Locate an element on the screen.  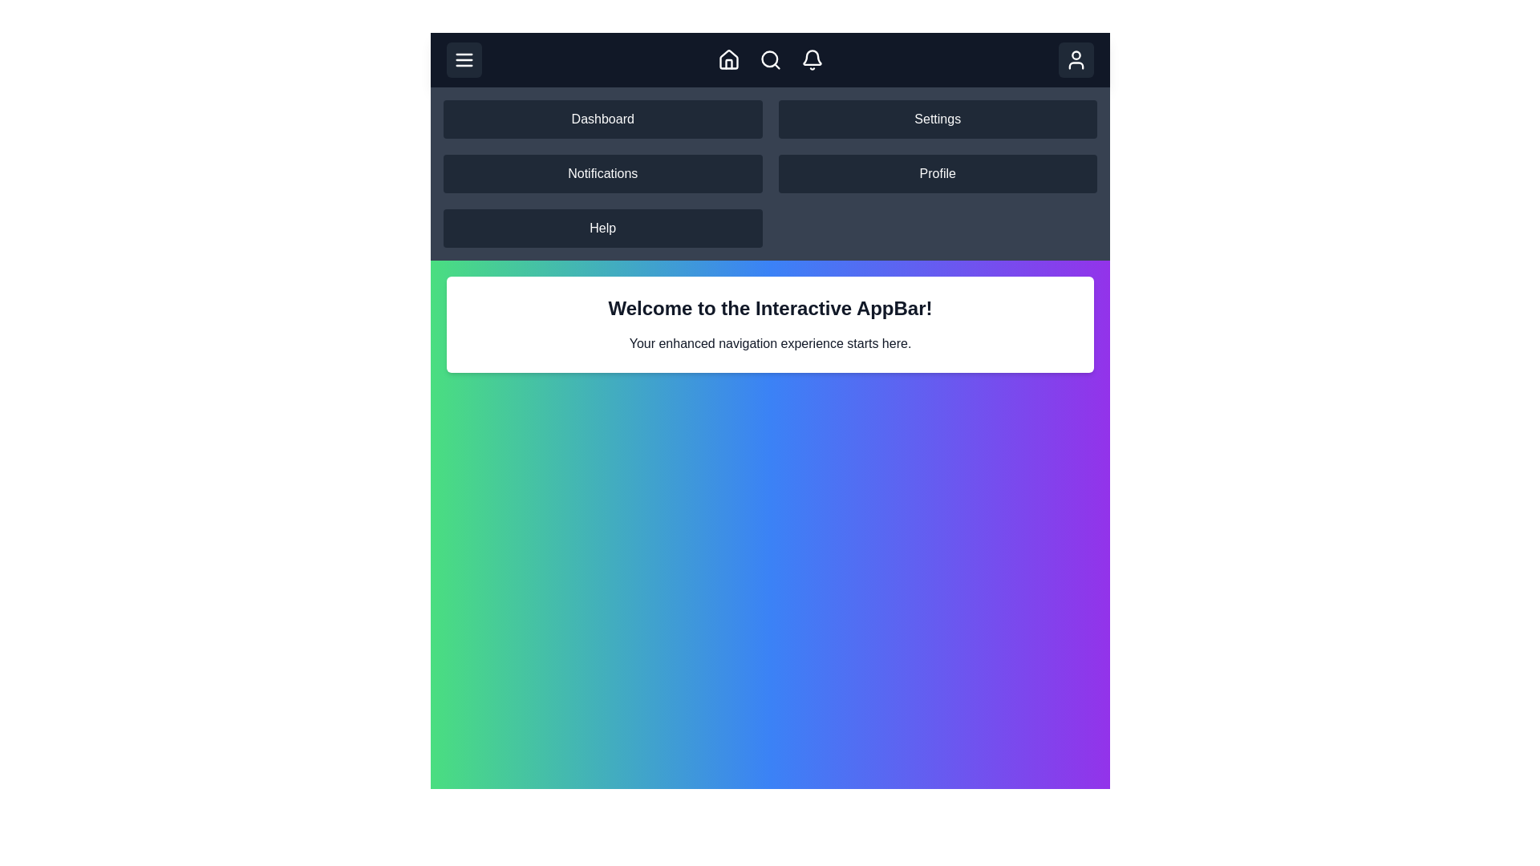
the Notifications button in the navigation bar is located at coordinates (812, 59).